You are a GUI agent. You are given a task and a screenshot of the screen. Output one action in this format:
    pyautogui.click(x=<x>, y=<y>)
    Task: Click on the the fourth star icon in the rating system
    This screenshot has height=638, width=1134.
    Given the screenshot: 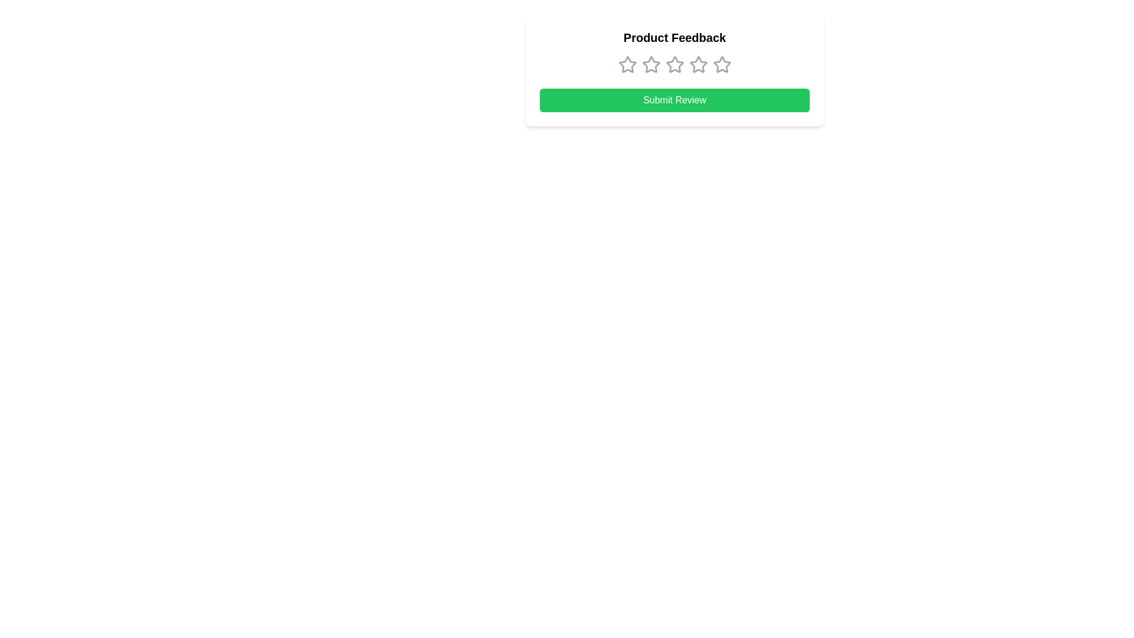 What is the action you would take?
    pyautogui.click(x=698, y=65)
    